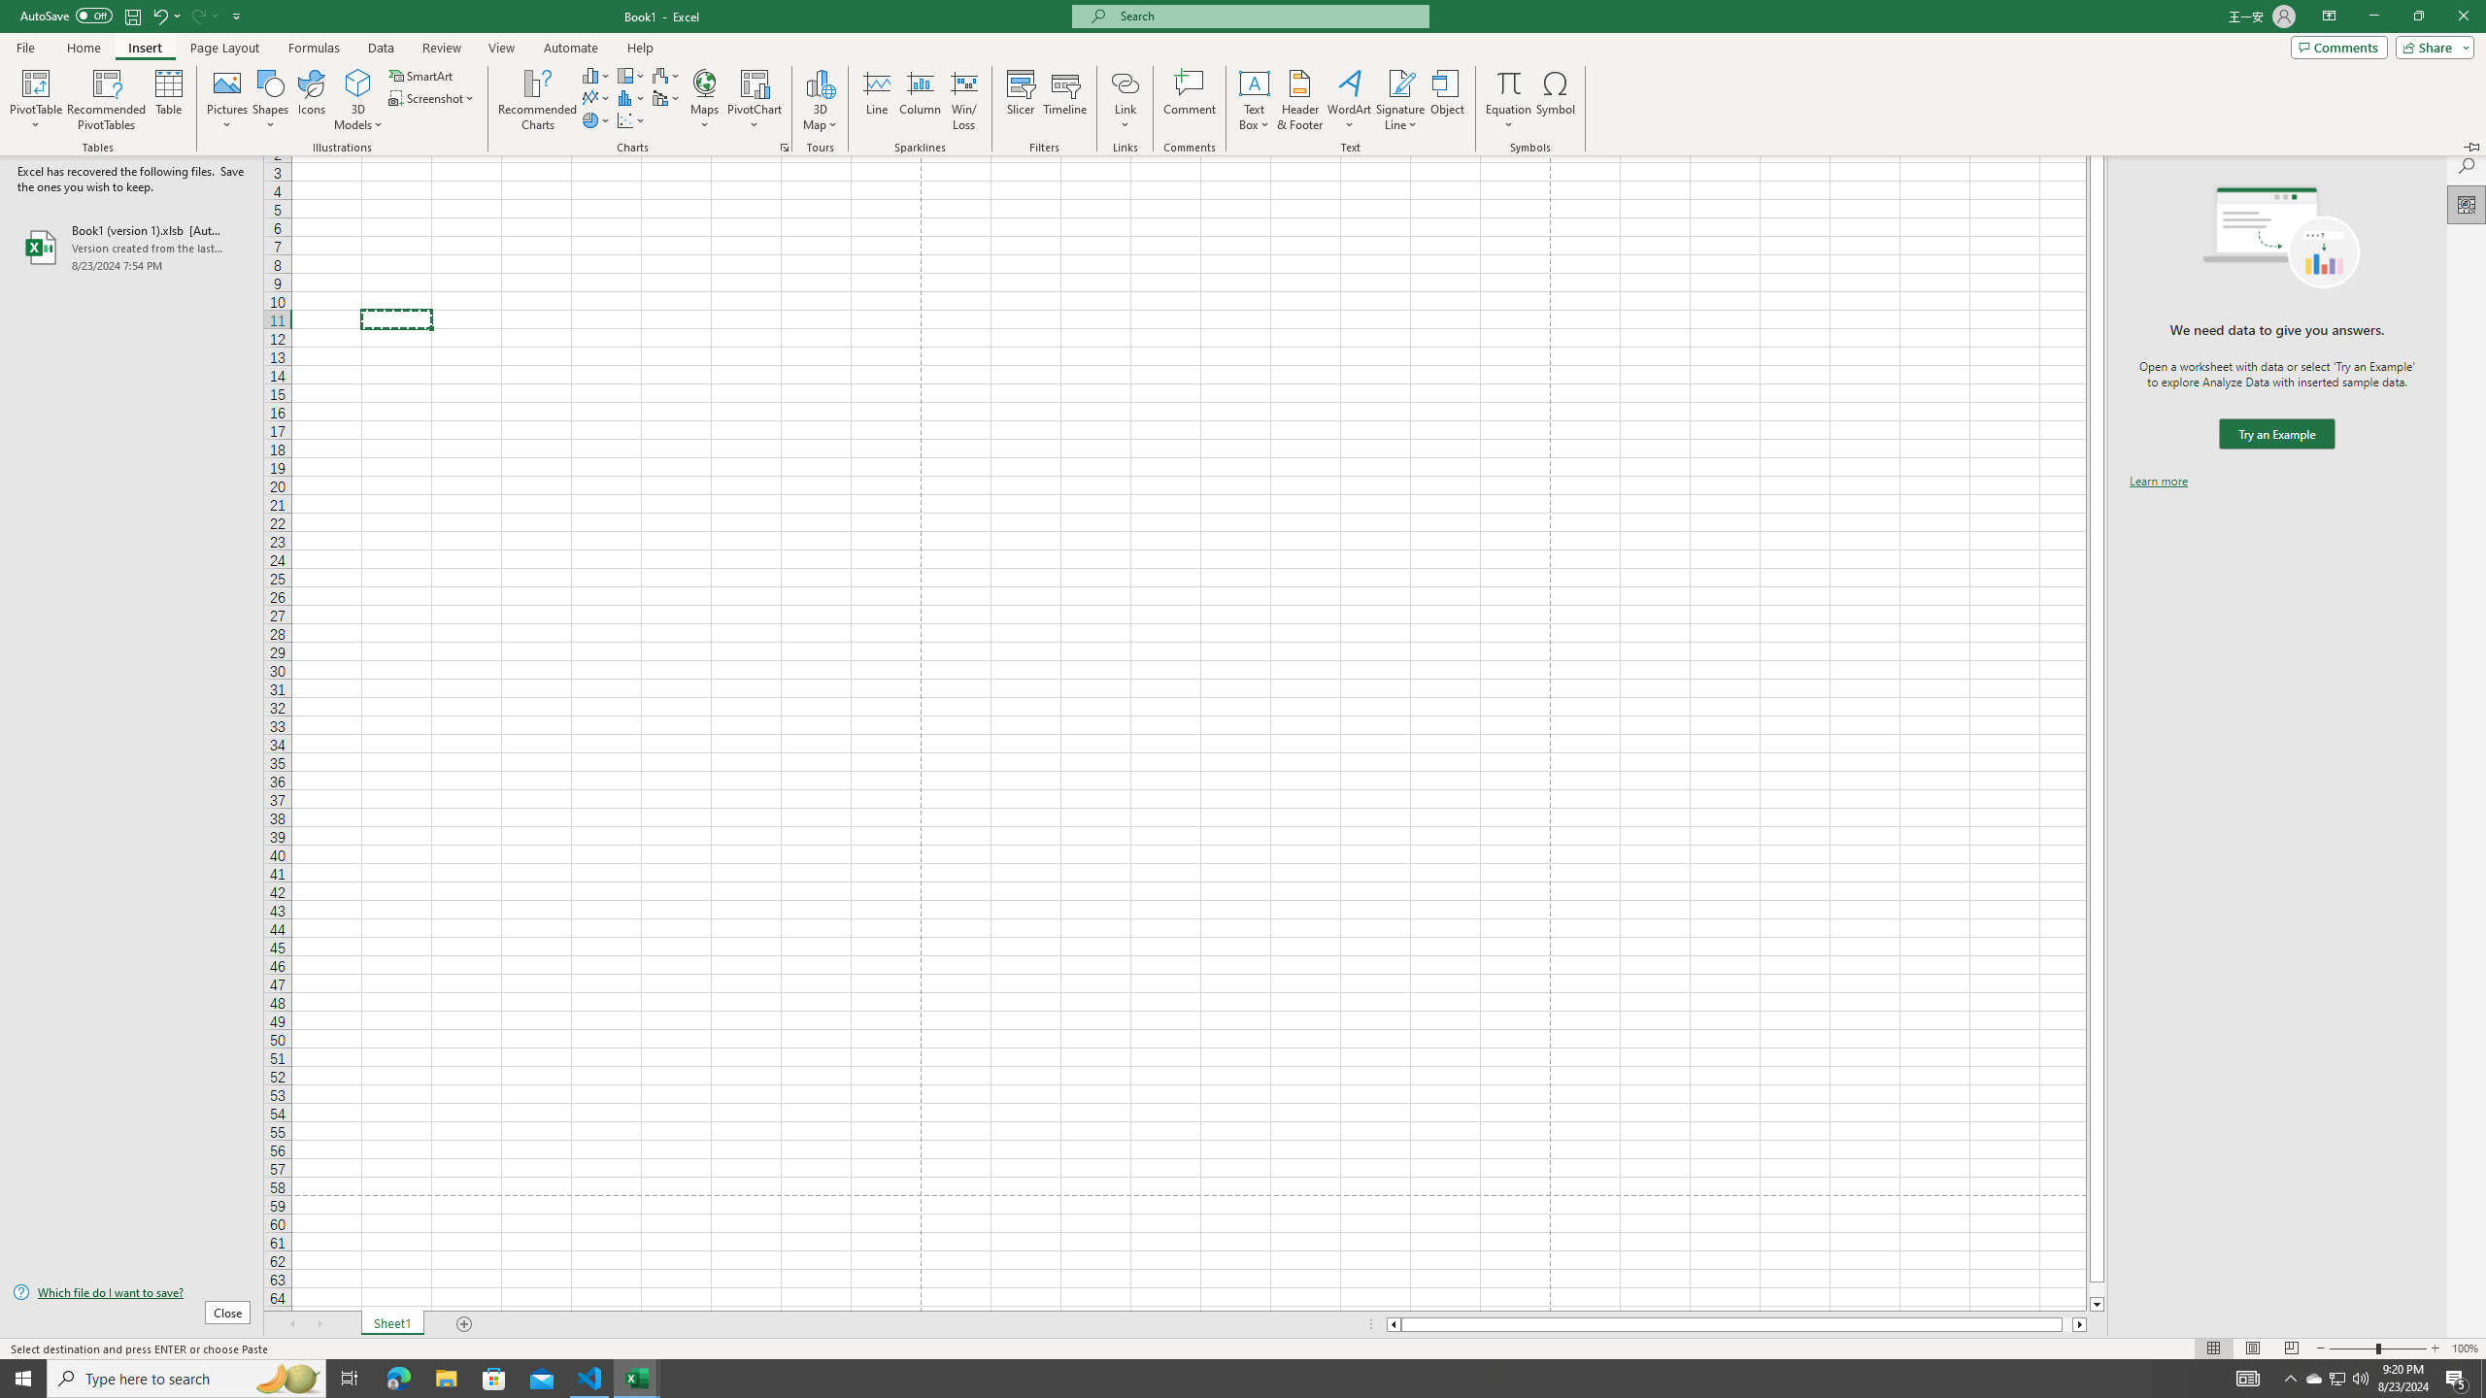  What do you see at coordinates (2212, 1348) in the screenshot?
I see `'Normal'` at bounding box center [2212, 1348].